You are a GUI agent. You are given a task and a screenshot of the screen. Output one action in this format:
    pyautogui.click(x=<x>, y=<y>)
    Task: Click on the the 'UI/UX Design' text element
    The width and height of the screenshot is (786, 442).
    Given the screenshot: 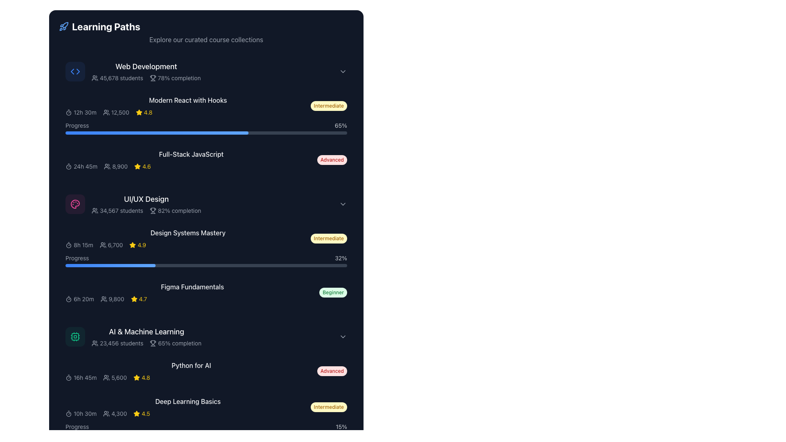 What is the action you would take?
    pyautogui.click(x=146, y=203)
    